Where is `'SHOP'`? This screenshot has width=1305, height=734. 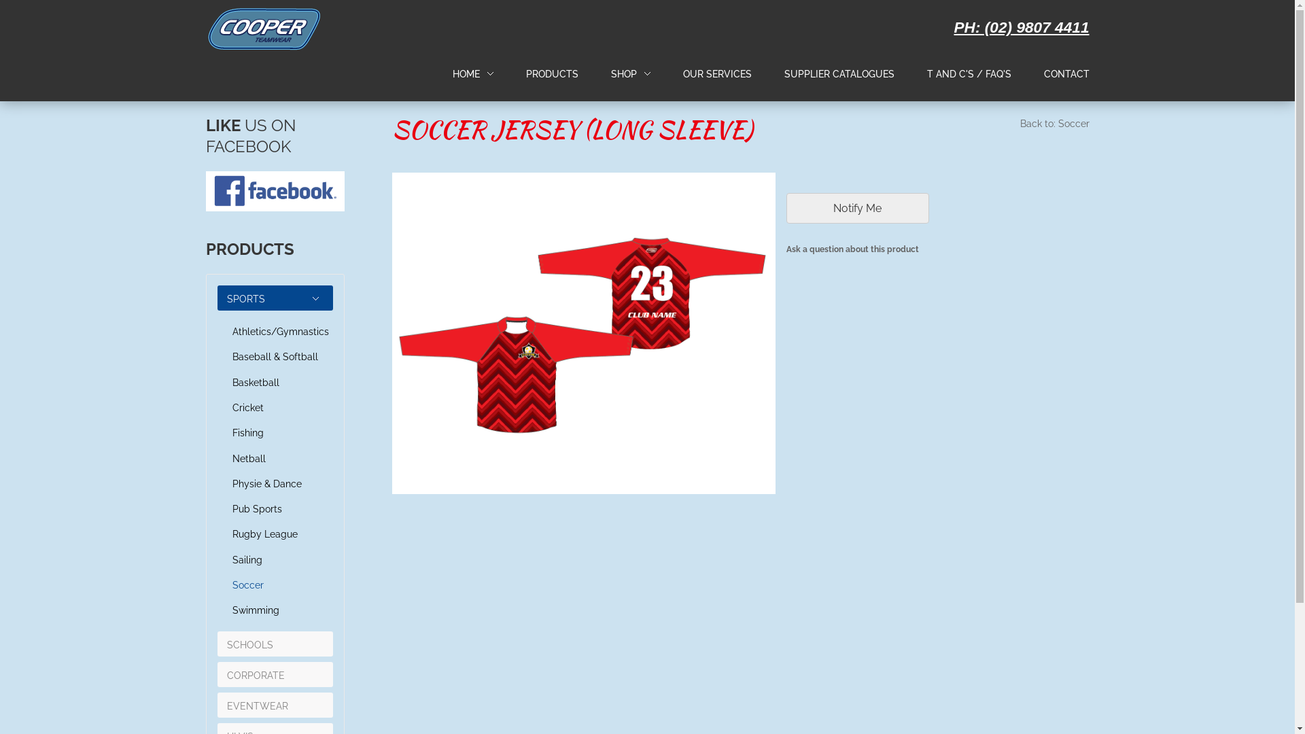
'SHOP' is located at coordinates (609, 73).